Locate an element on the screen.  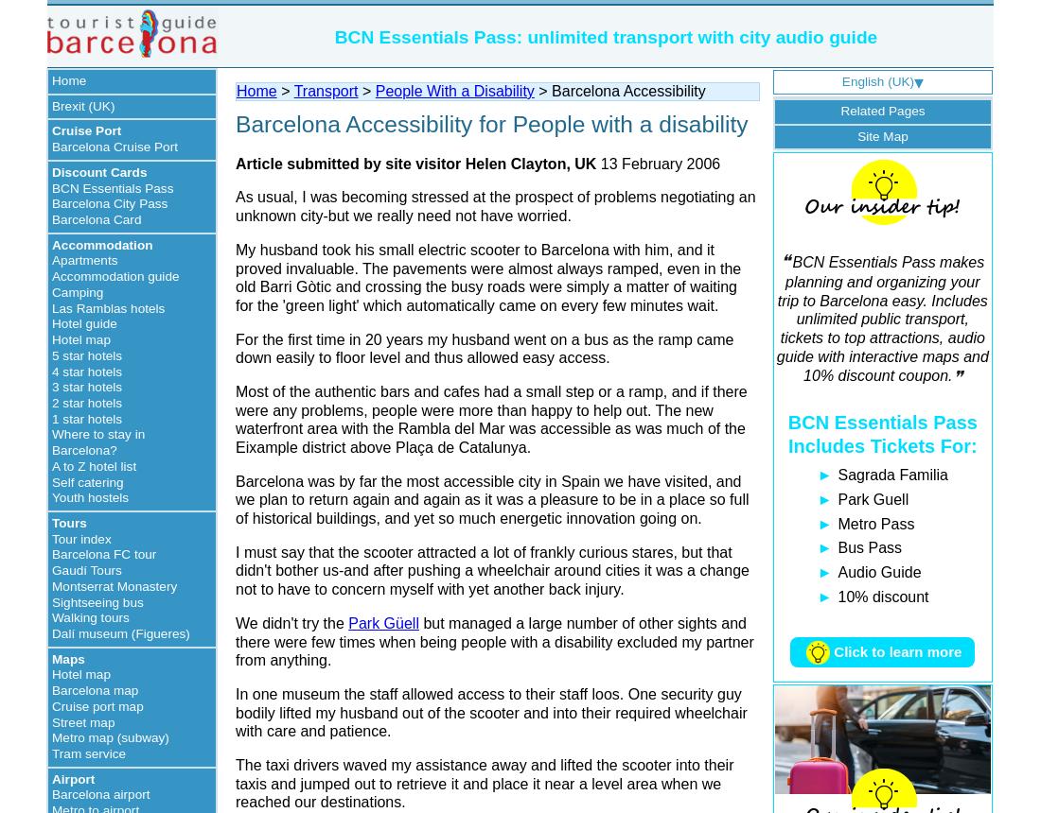
'A to Z hotel list' is located at coordinates (94, 464).